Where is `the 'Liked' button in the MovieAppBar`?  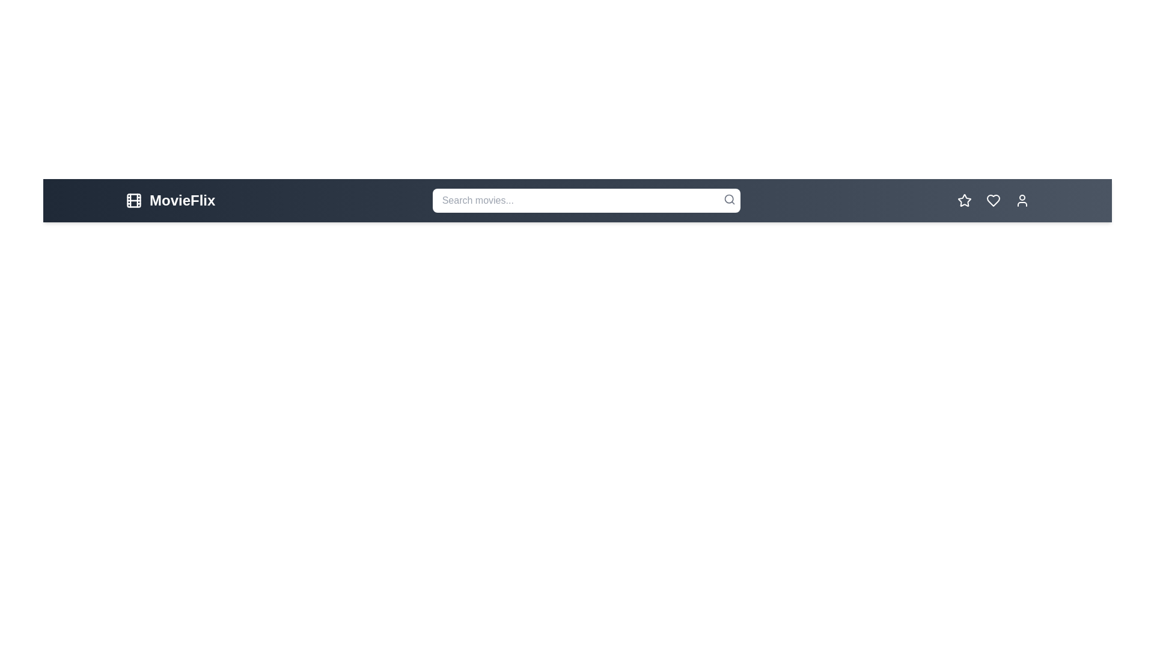
the 'Liked' button in the MovieAppBar is located at coordinates (993, 200).